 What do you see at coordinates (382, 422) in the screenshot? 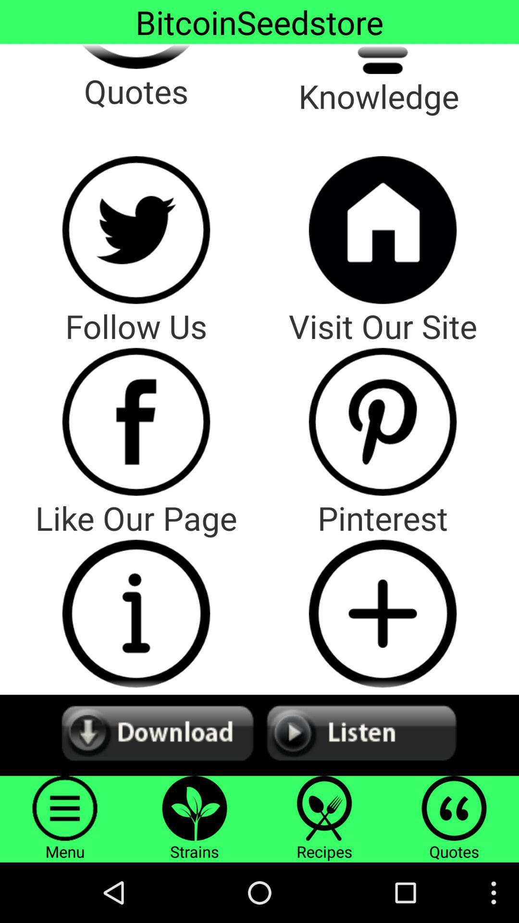
I see `pinterest` at bounding box center [382, 422].